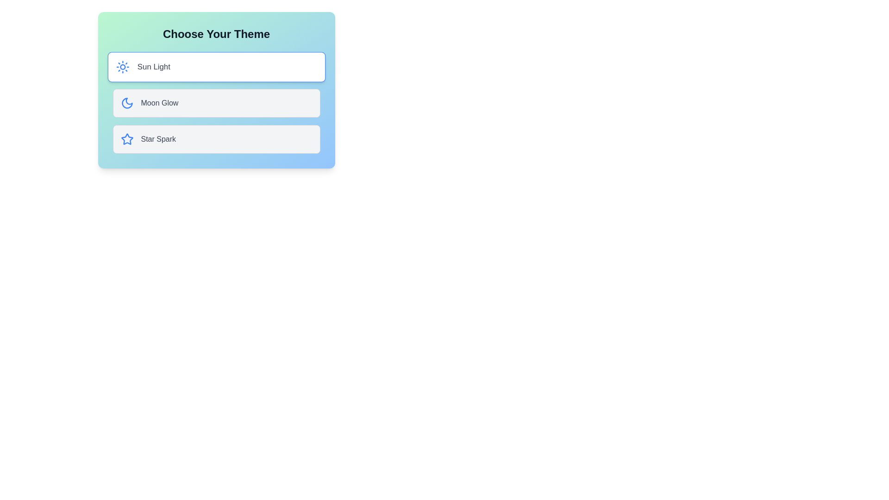  What do you see at coordinates (126, 139) in the screenshot?
I see `the star-shaped SVG icon outlined with a bold blue stroke` at bounding box center [126, 139].